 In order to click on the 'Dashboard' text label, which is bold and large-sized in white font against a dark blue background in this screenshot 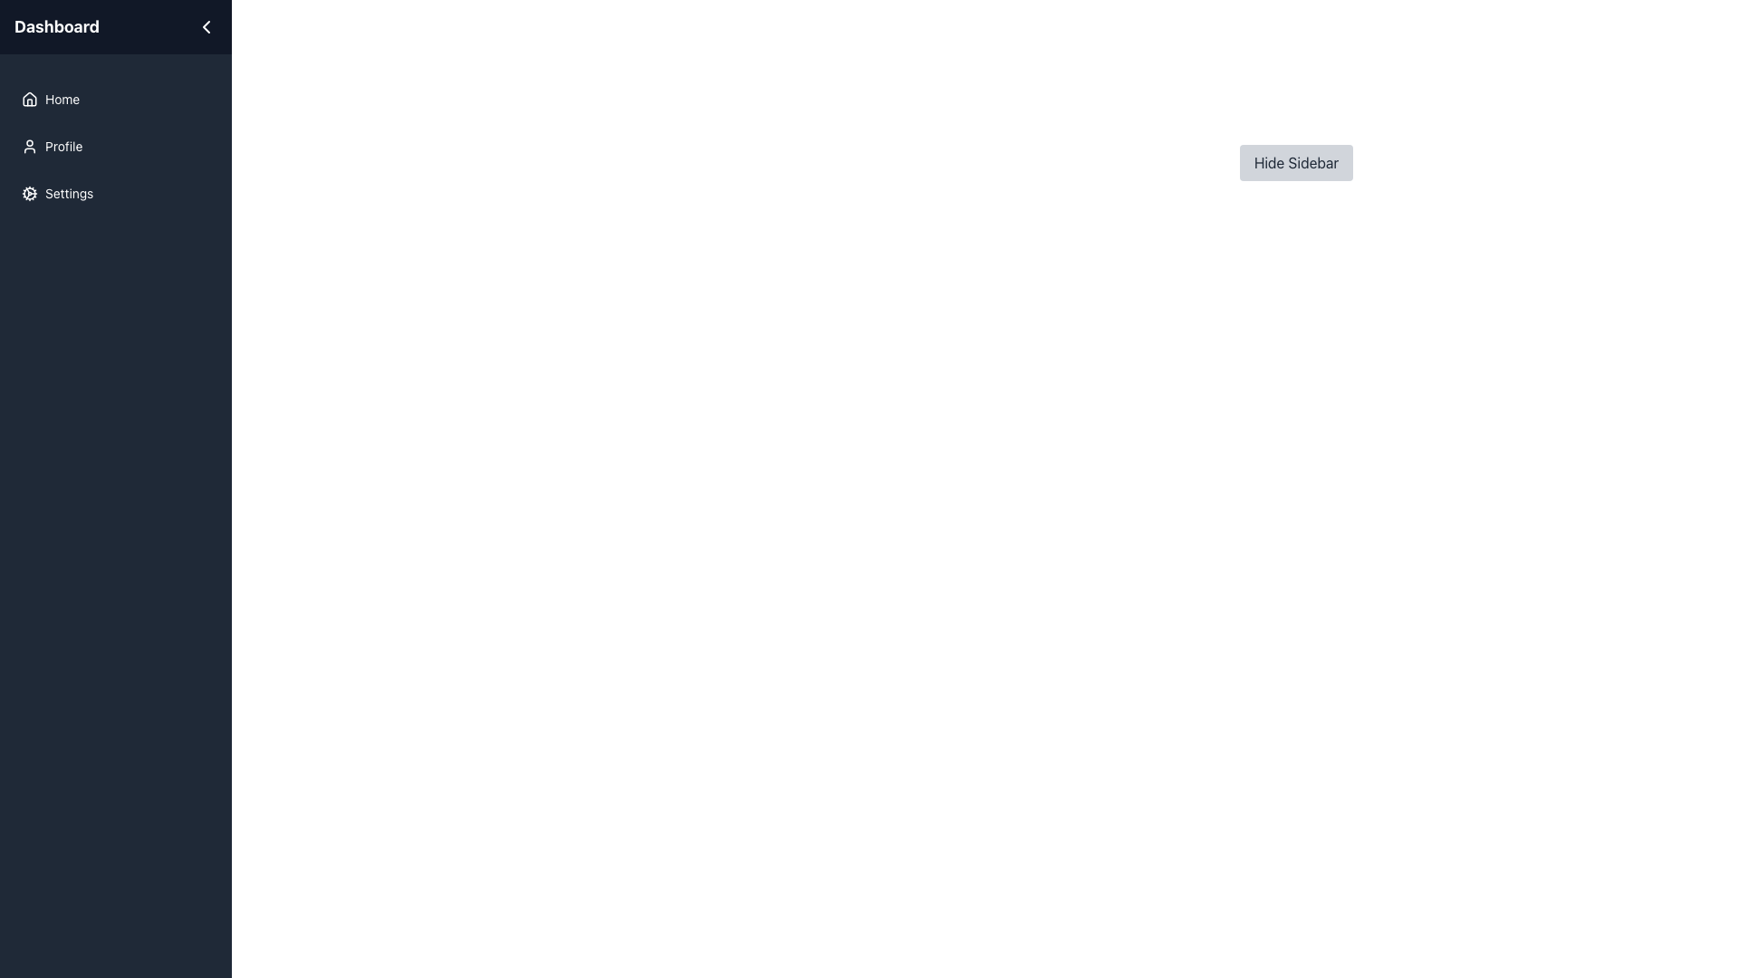, I will do `click(56, 27)`.